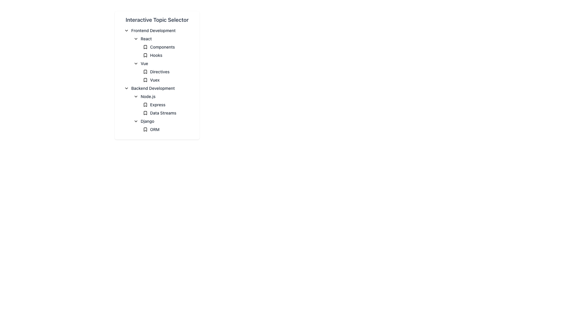 The width and height of the screenshot is (565, 318). I want to click on the 'Backend Development' category label in the interactive topic selector, so click(153, 88).